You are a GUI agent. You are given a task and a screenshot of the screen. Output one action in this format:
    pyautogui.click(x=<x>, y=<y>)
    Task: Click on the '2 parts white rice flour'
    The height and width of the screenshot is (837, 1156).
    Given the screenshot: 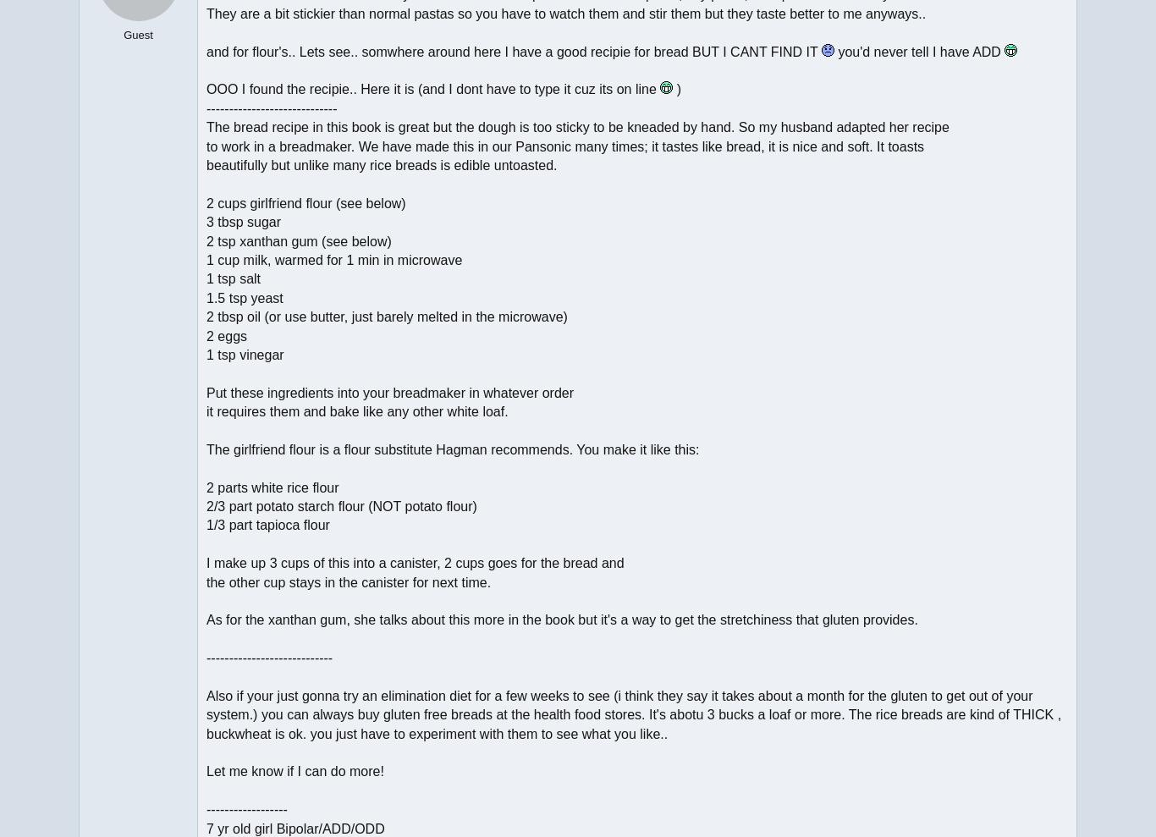 What is the action you would take?
    pyautogui.click(x=272, y=486)
    